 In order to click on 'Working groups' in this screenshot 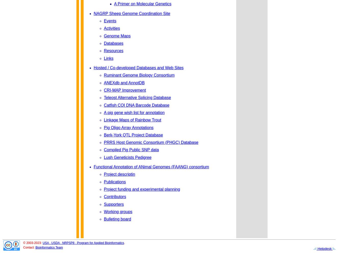, I will do `click(118, 212)`.